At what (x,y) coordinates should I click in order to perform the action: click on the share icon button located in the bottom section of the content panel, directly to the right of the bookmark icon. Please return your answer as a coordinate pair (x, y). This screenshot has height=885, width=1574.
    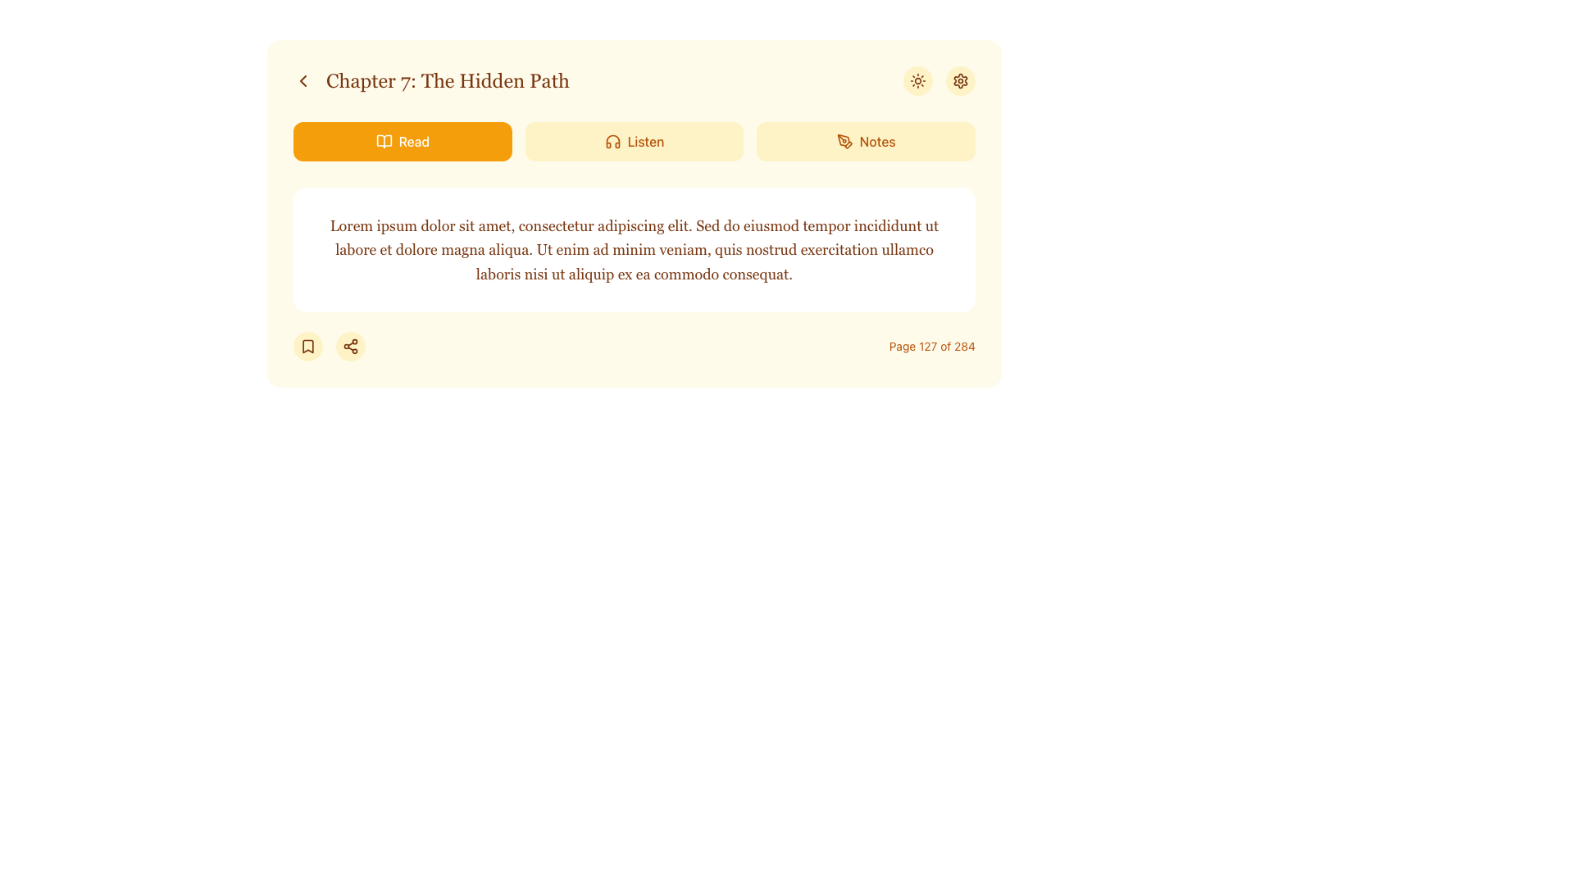
    Looking at the image, I should click on (349, 344).